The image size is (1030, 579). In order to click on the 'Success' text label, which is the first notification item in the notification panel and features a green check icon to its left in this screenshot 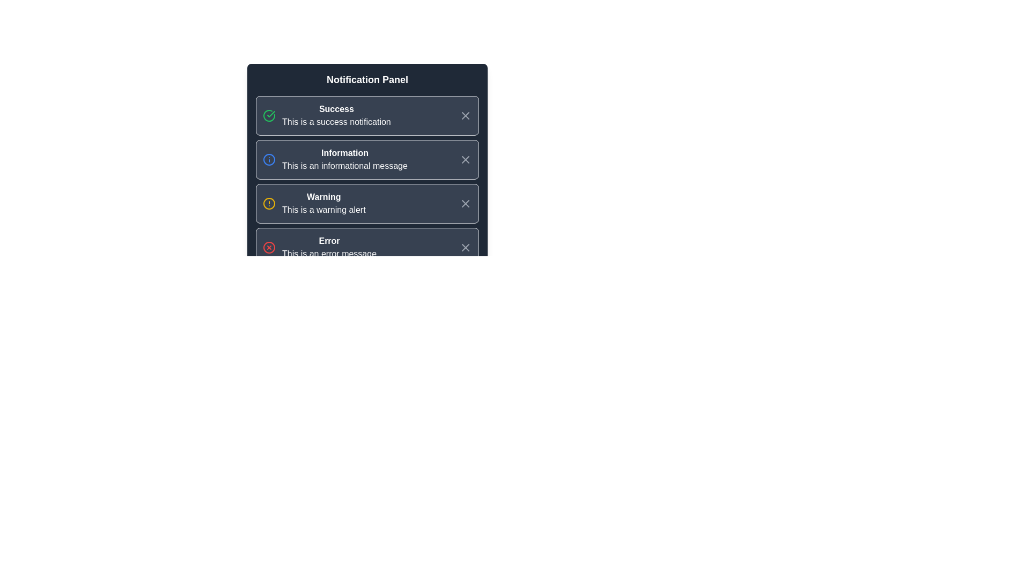, I will do `click(336, 109)`.